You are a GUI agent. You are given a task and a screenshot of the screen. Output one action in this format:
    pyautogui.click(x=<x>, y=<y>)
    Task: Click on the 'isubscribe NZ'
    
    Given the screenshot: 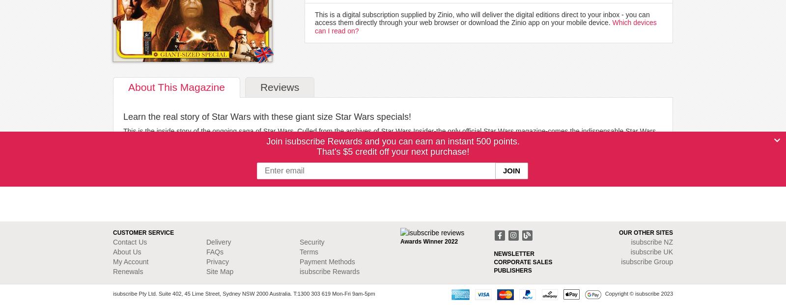 What is the action you would take?
    pyautogui.click(x=651, y=242)
    